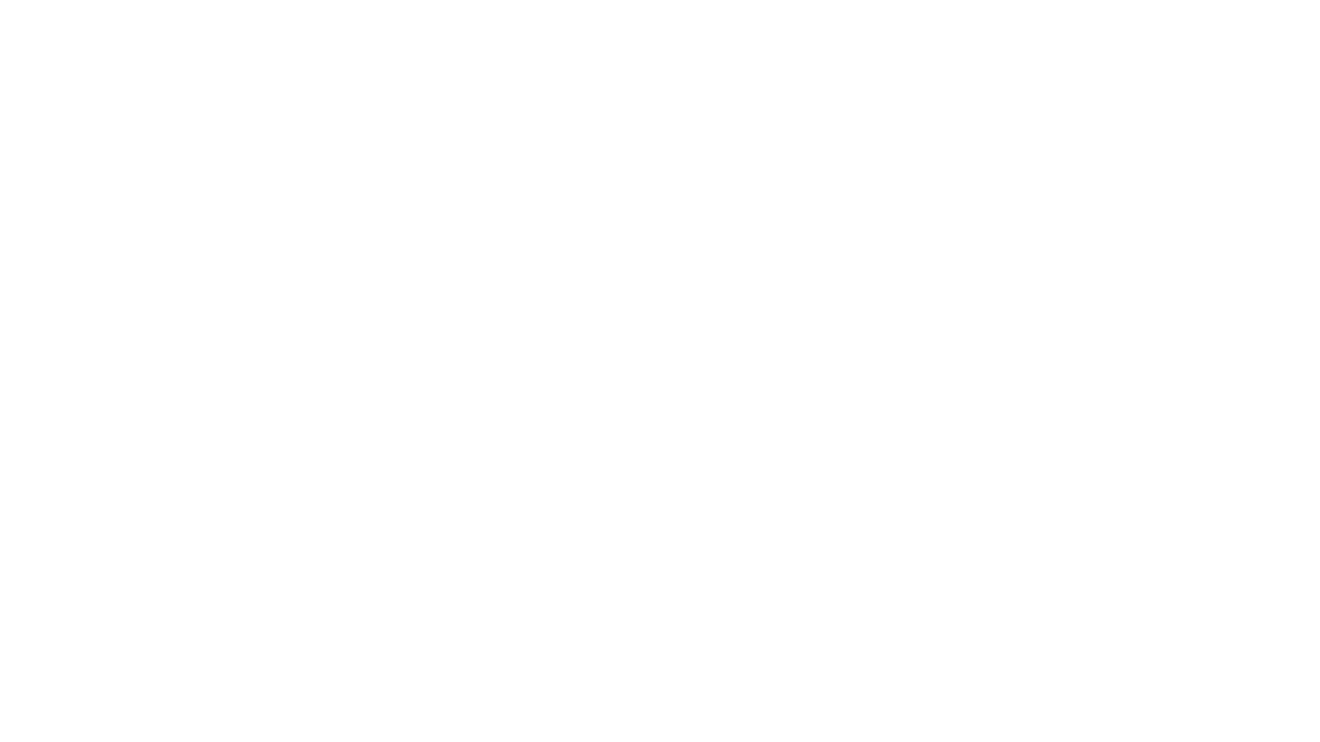 Image resolution: width=1320 pixels, height=742 pixels. Describe the element at coordinates (798, 78) in the screenshot. I see `Options` at that location.